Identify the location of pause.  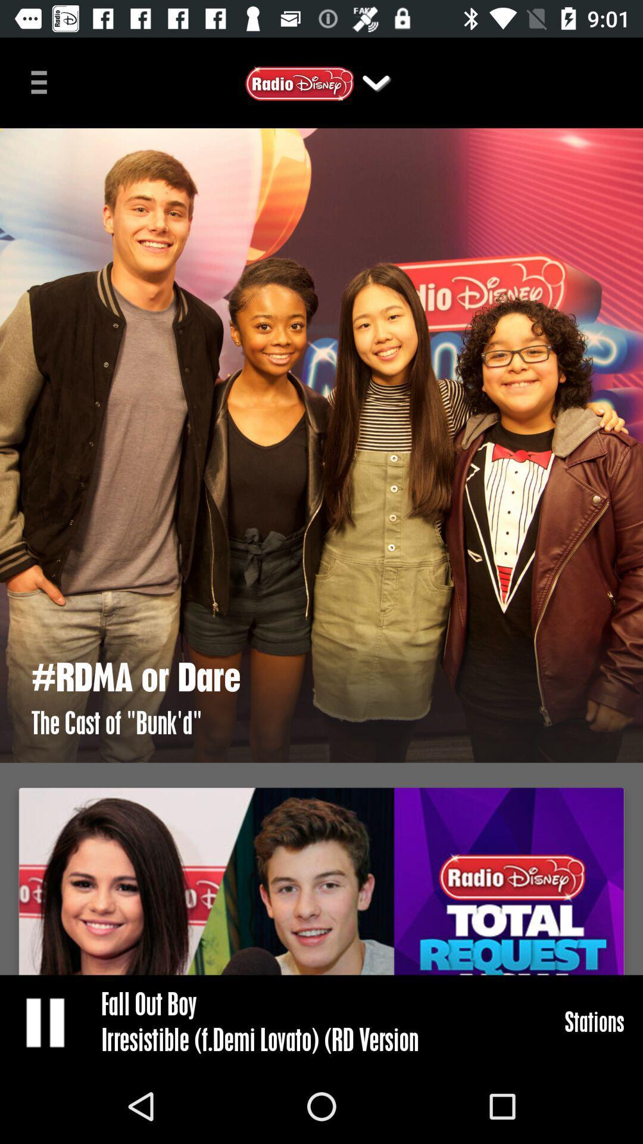
(46, 1021).